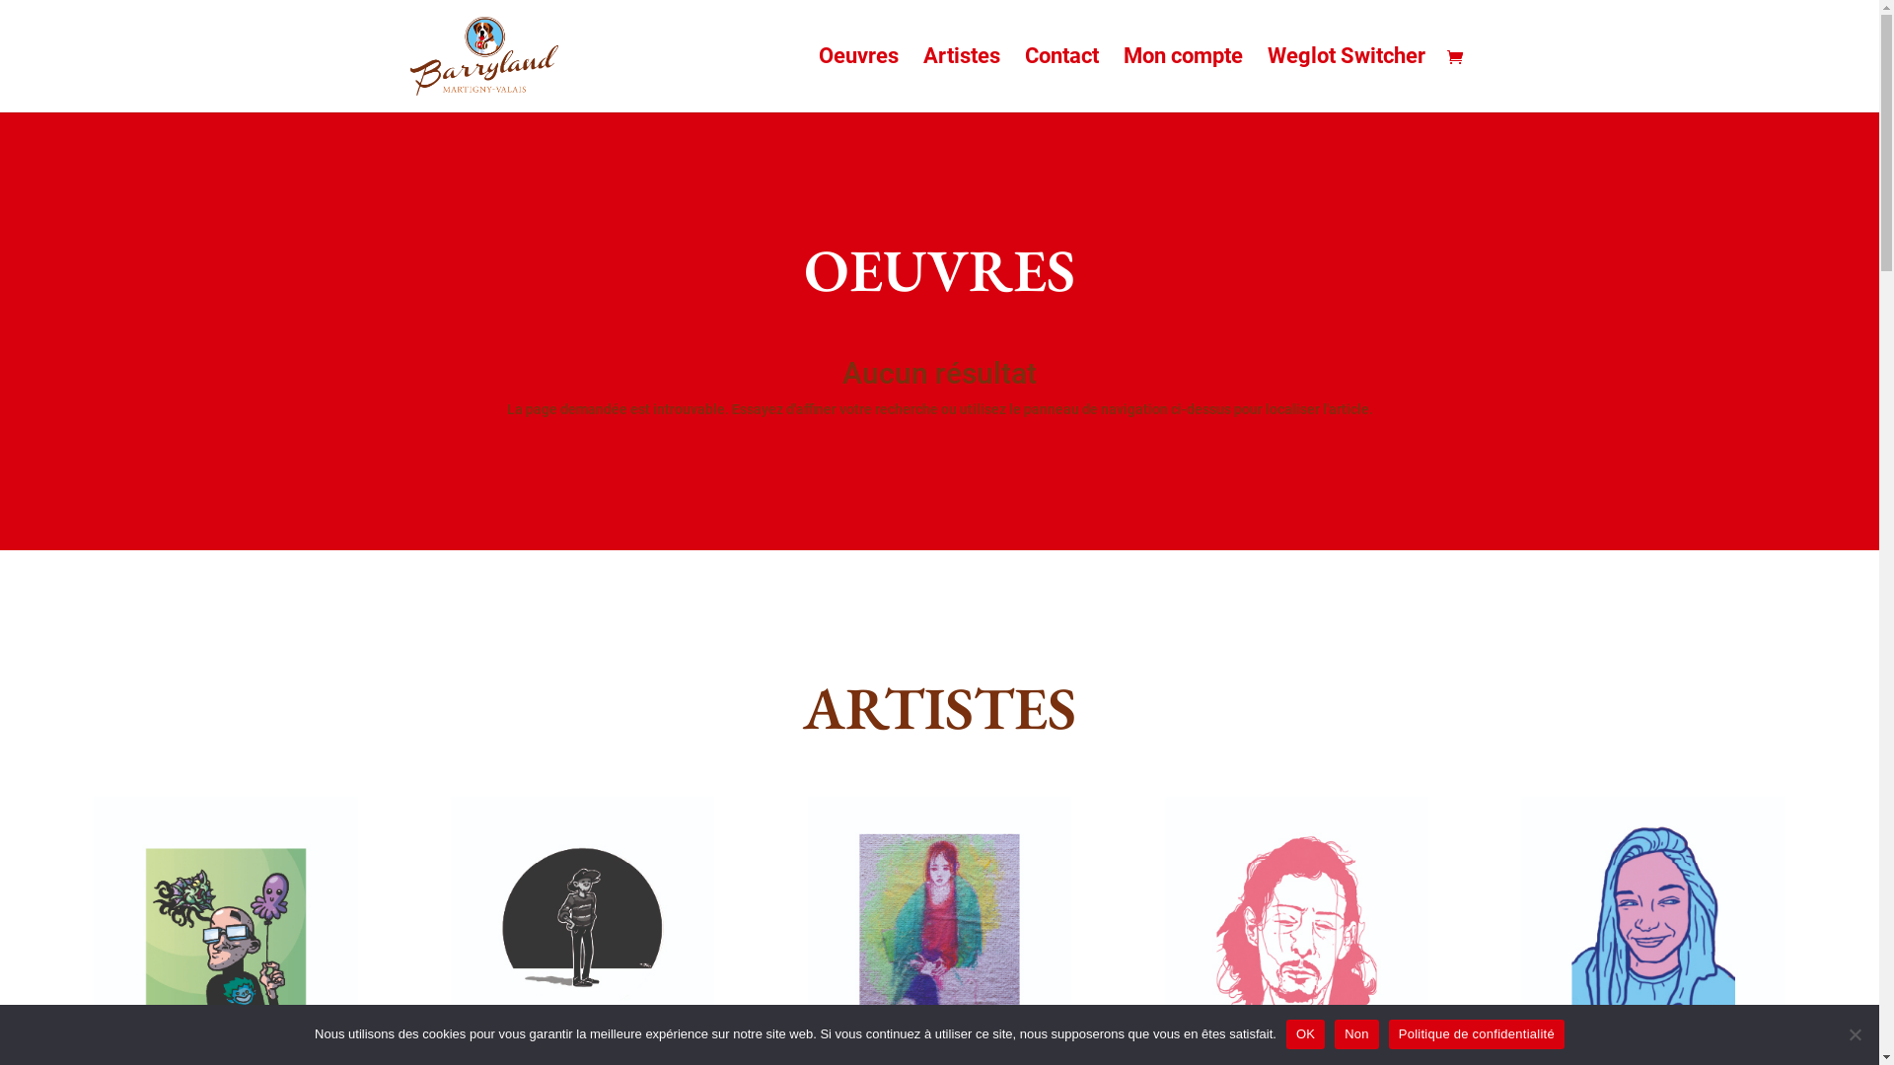 The image size is (1894, 1065). Describe the element at coordinates (961, 79) in the screenshot. I see `'Artistes'` at that location.